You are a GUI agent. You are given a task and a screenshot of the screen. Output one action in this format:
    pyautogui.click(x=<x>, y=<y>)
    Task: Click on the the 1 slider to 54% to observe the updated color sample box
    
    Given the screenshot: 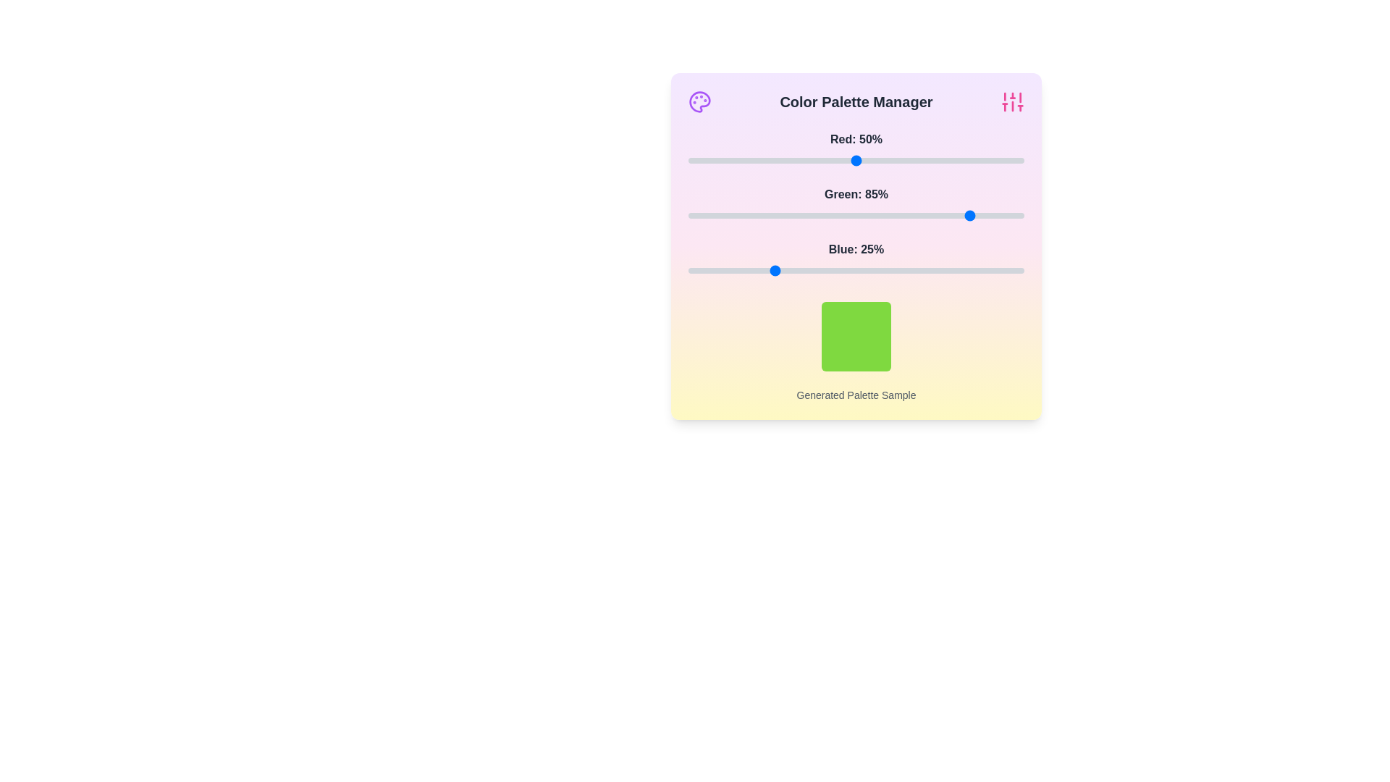 What is the action you would take?
    pyautogui.click(x=869, y=215)
    